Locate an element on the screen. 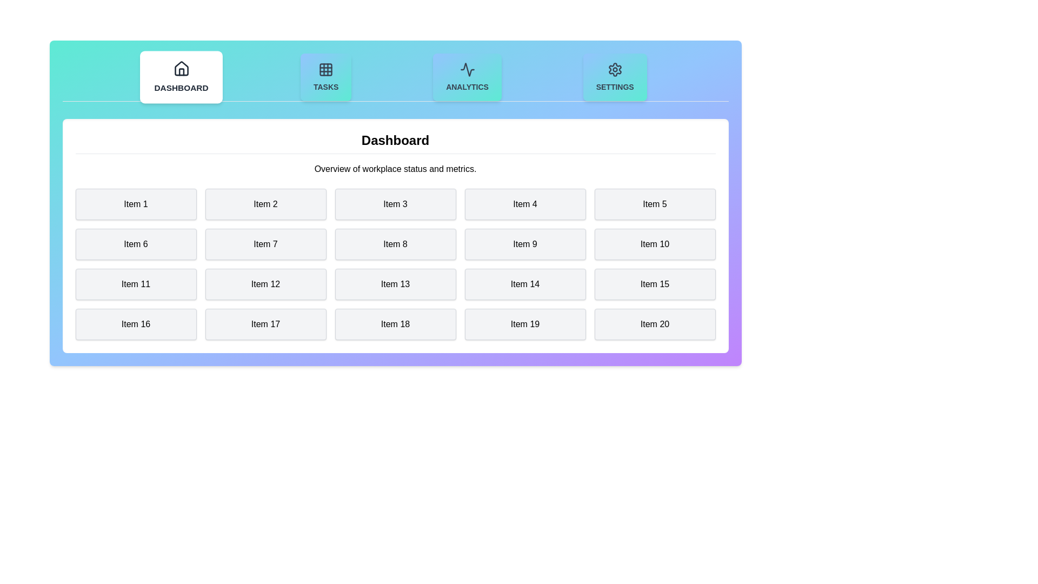 The height and width of the screenshot is (584, 1038). the Analytics tab to display its content is located at coordinates (467, 76).